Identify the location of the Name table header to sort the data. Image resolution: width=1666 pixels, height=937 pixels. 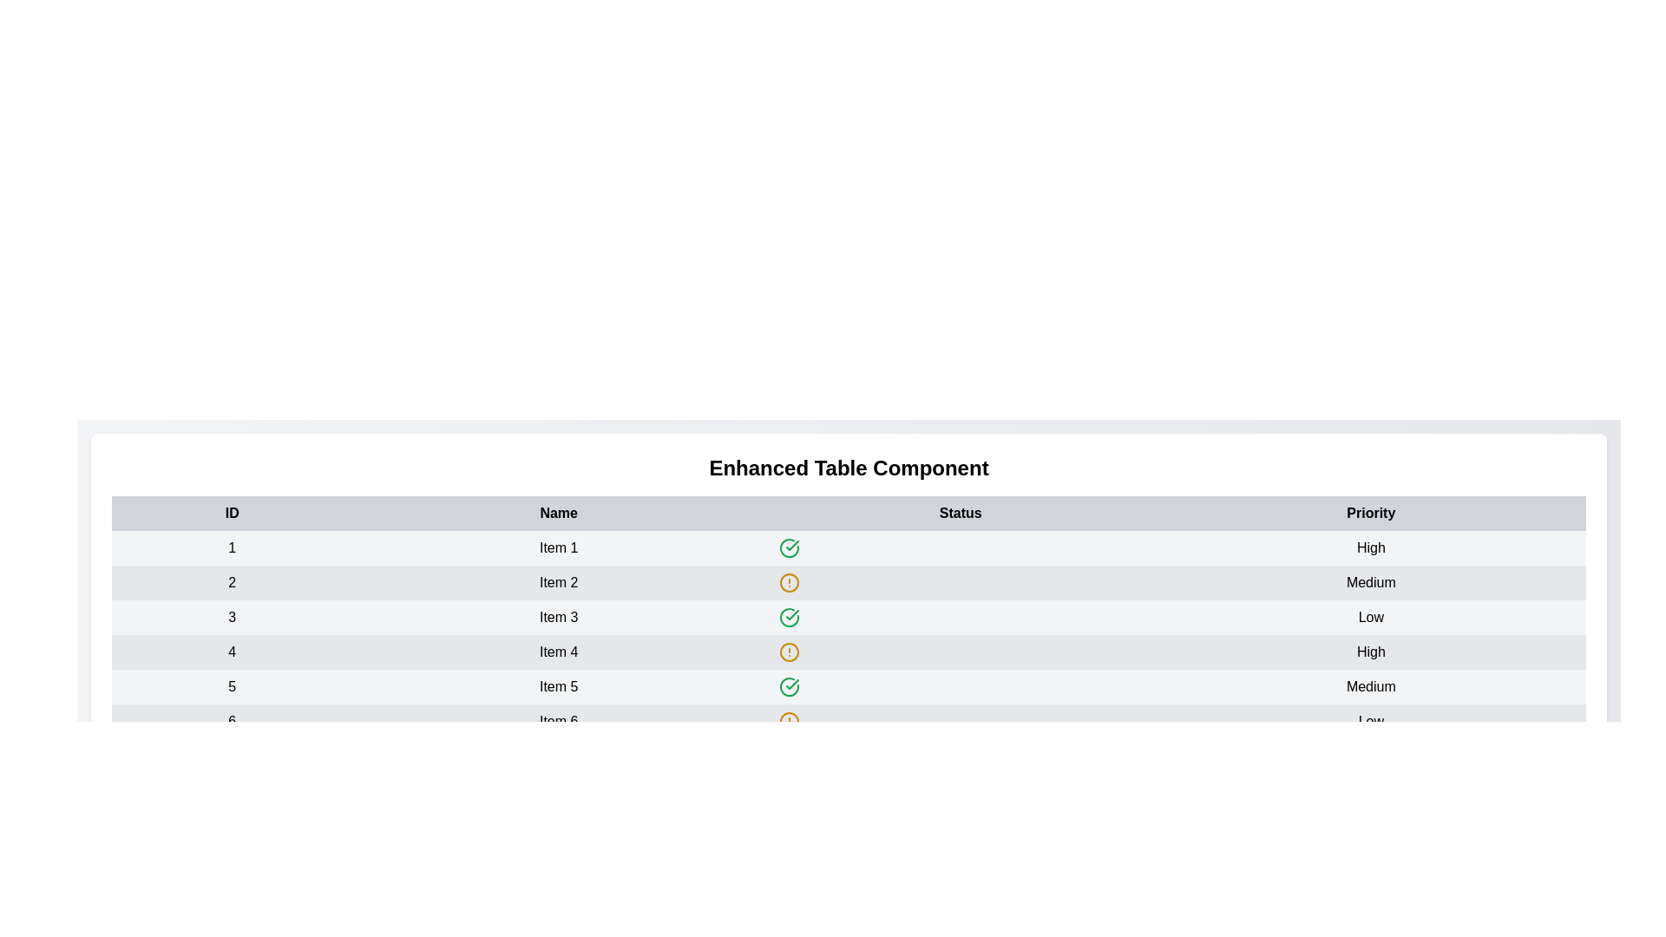
(559, 512).